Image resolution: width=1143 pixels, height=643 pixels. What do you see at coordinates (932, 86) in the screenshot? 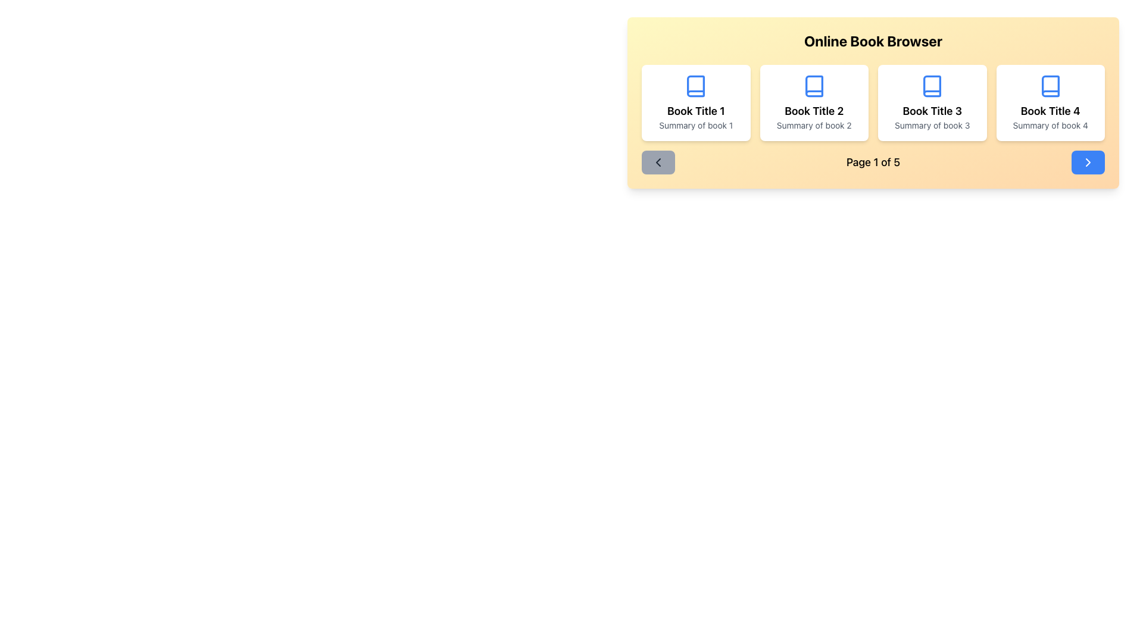
I see `the book icon located at the top center of the card for 'Book Title 3', which visually aids in identifying the content of the card` at bounding box center [932, 86].